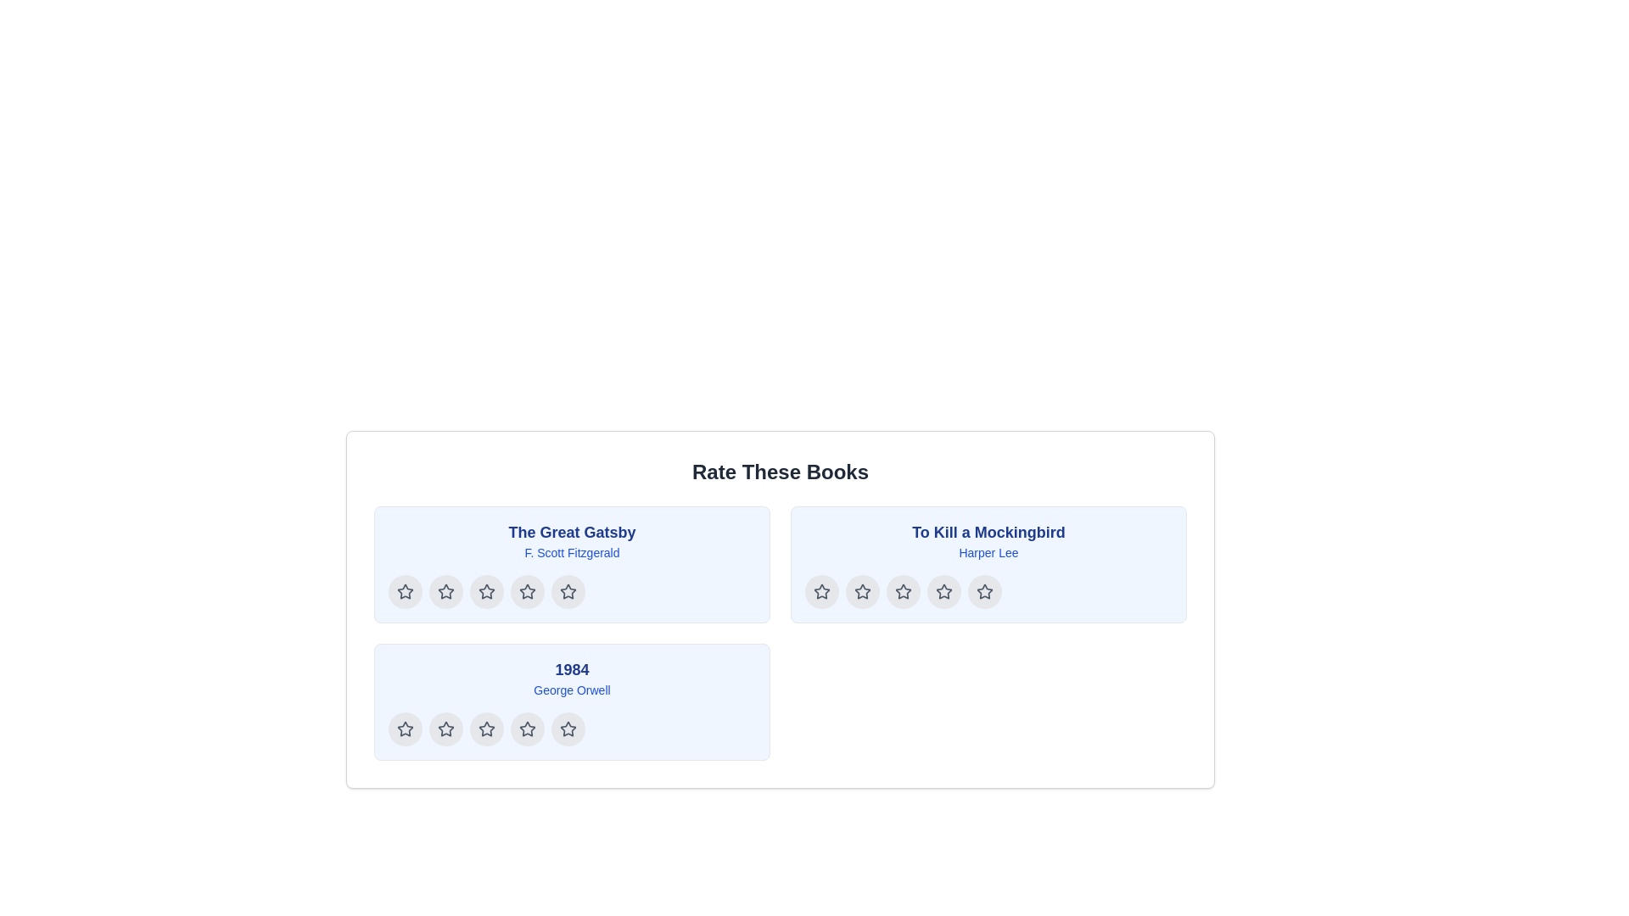 The height and width of the screenshot is (916, 1629). What do you see at coordinates (903, 591) in the screenshot?
I see `the third star icon from the left in the rating section under the title 'To Kill a Mockingbird'` at bounding box center [903, 591].